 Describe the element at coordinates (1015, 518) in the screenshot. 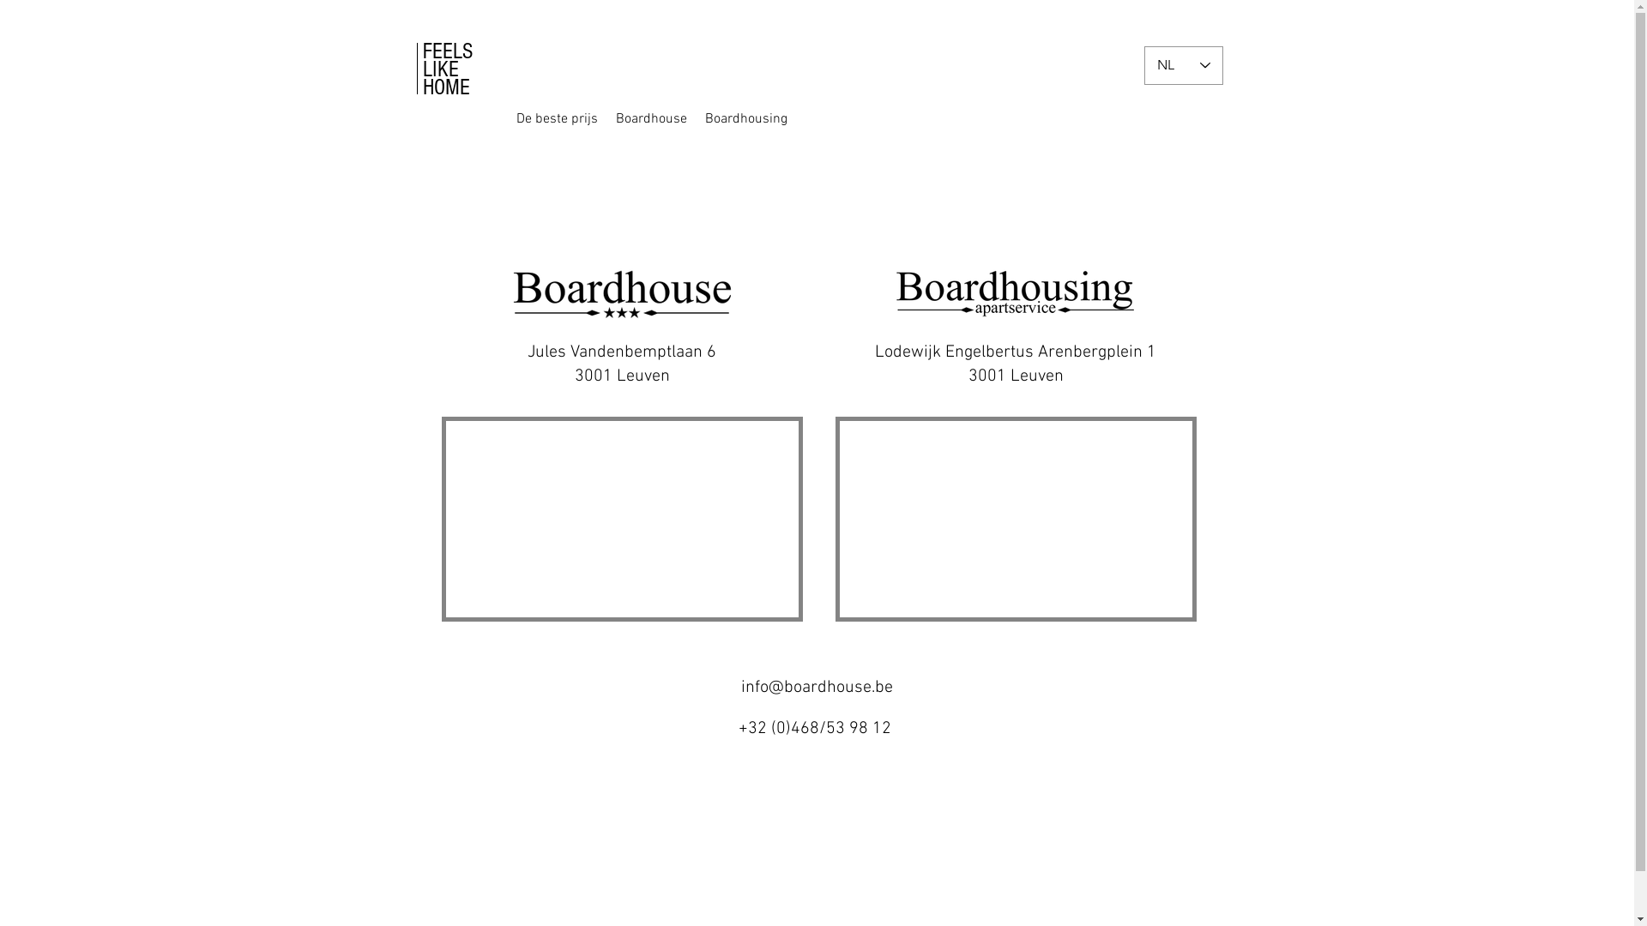

I see `'Google Maps'` at that location.